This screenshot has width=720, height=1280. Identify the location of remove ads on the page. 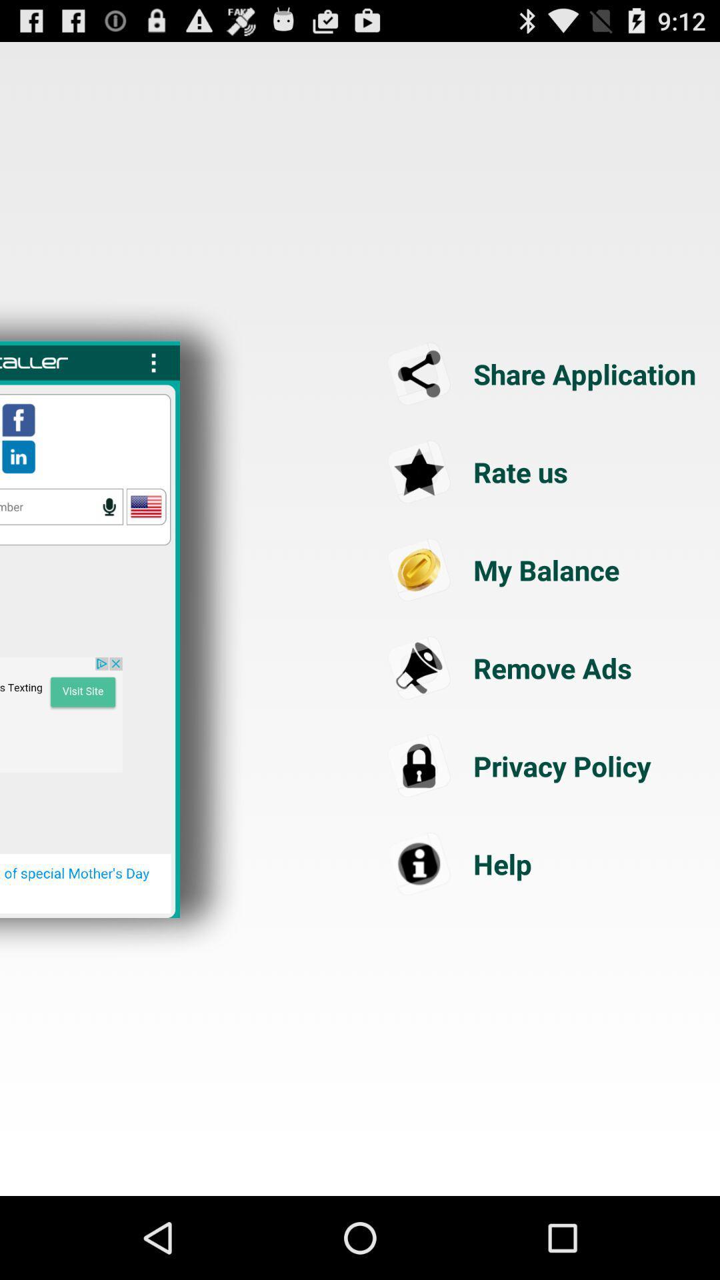
(544, 668).